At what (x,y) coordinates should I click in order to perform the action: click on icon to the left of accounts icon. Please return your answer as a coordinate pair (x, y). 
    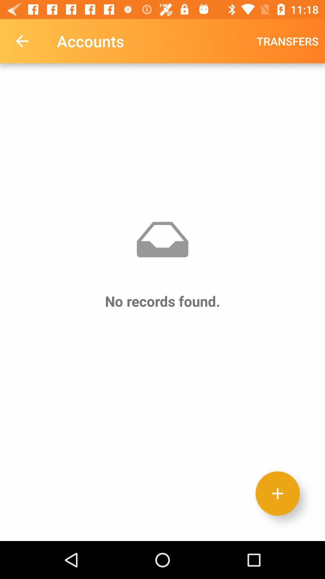
    Looking at the image, I should click on (22, 41).